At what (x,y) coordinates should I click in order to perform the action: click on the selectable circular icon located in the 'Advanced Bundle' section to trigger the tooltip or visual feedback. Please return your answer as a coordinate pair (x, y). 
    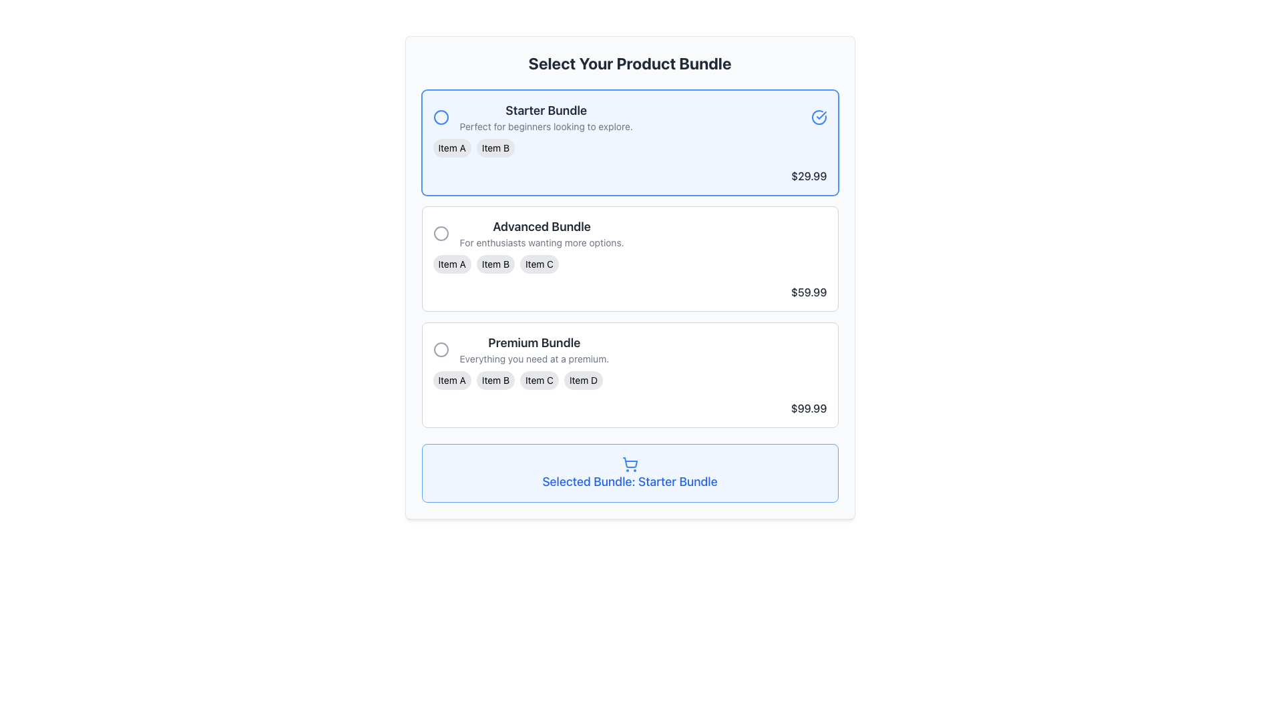
    Looking at the image, I should click on (441, 233).